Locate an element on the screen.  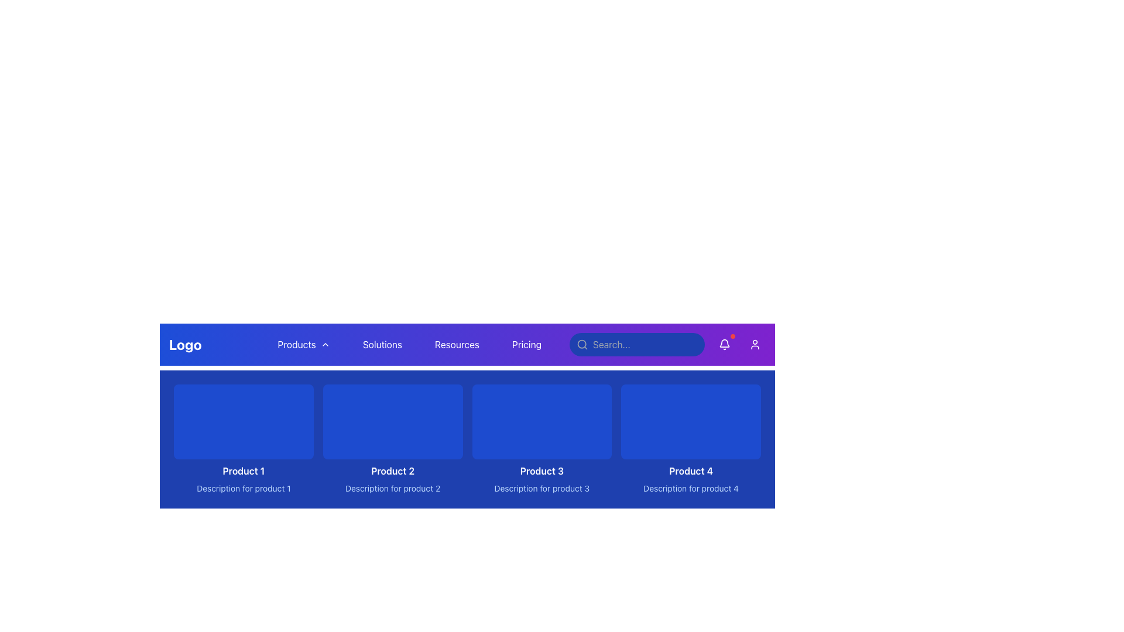
the search input field located in the navigation bar, which is the second element from the left, to trigger focus effects is located at coordinates (636, 344).